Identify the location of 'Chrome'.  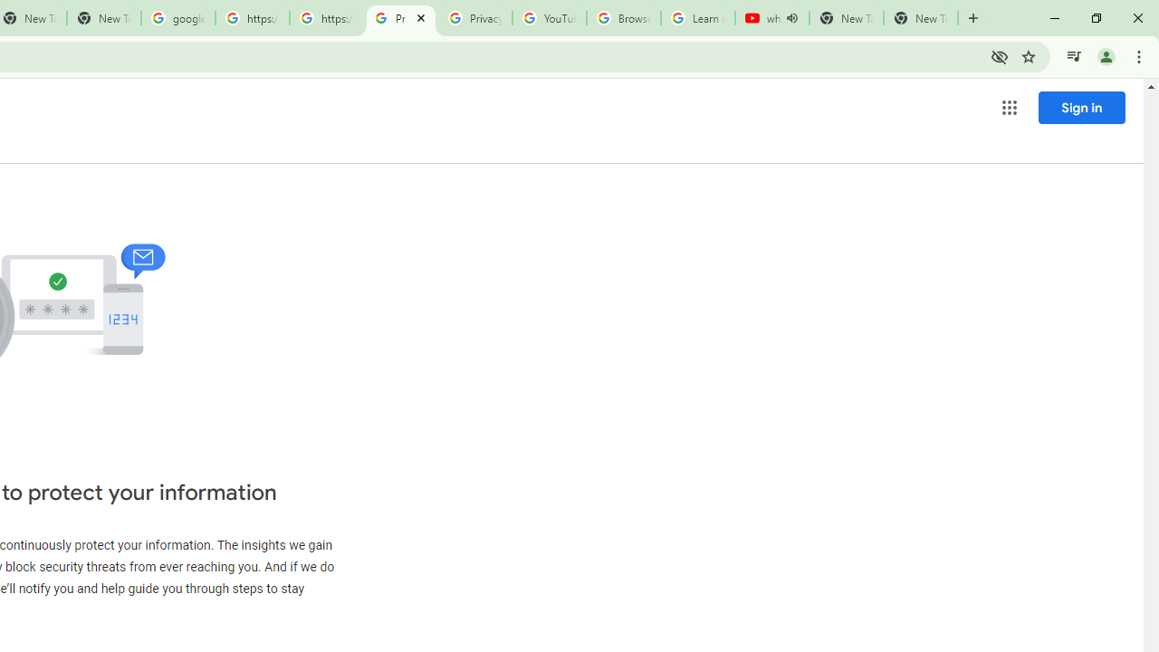
(1140, 55).